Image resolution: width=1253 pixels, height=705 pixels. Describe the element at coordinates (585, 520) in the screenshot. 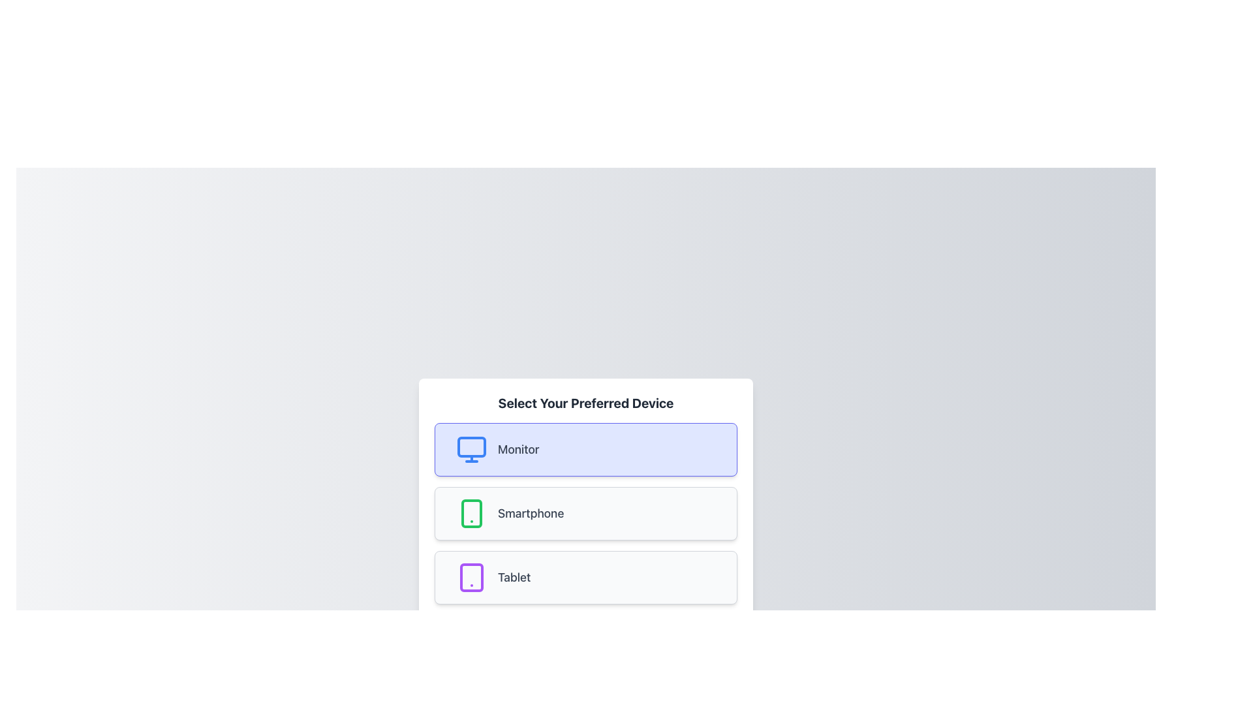

I see `the 'Smartphone' option in the Selectable List Item, which is the second item in the list under 'Select Your Preferred Device'` at that location.